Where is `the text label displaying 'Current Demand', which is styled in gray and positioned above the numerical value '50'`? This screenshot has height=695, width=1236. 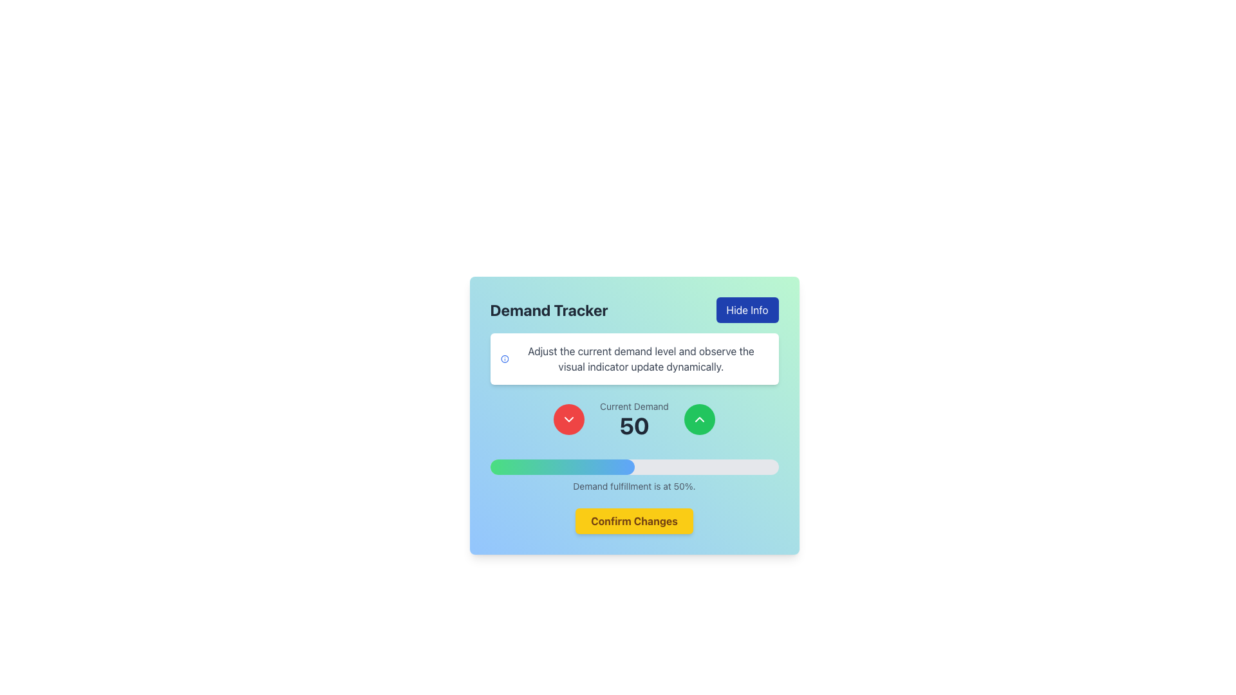
the text label displaying 'Current Demand', which is styled in gray and positioned above the numerical value '50' is located at coordinates (634, 407).